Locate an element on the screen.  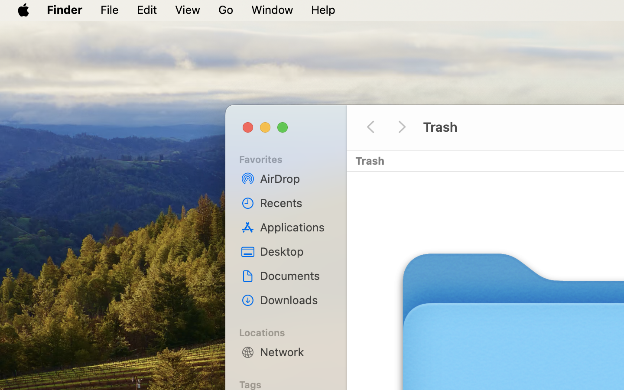
'Favorites' is located at coordinates (291, 158).